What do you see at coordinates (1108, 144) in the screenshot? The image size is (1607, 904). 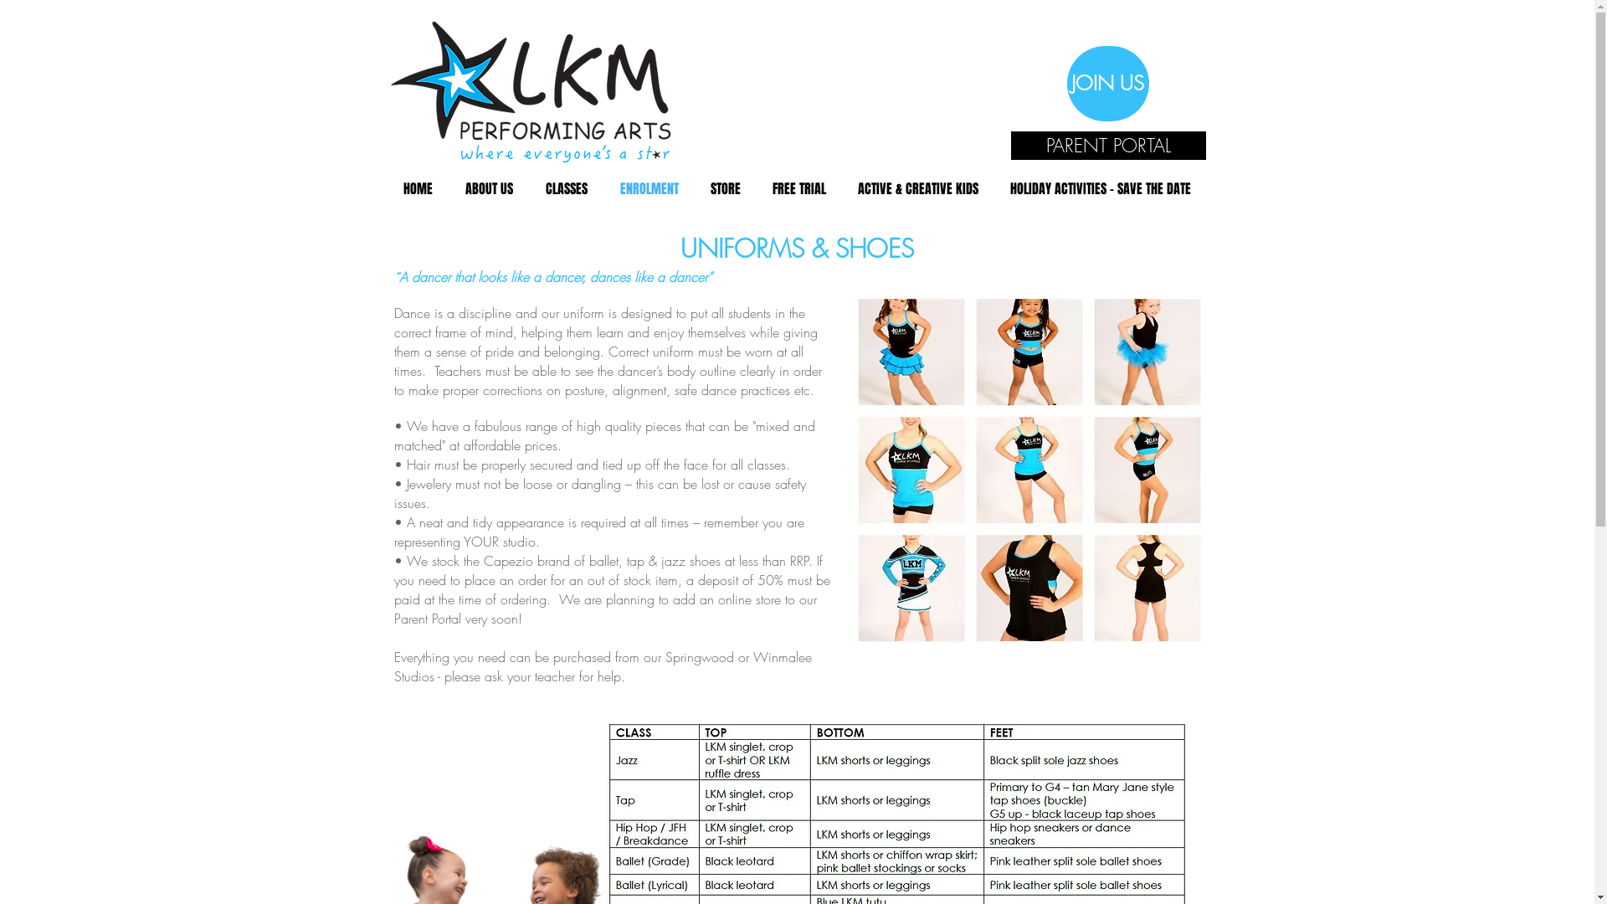 I see `'PARENT PORTAL'` at bounding box center [1108, 144].